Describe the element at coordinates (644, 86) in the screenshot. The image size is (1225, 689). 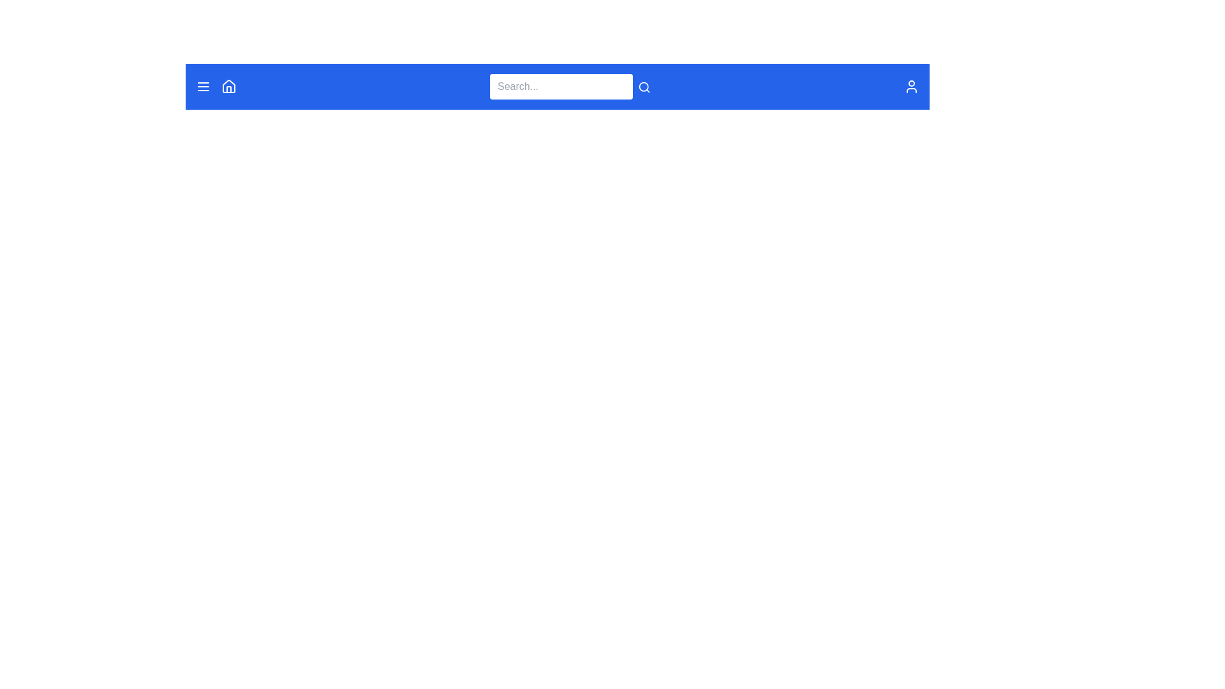
I see `the central circular component of the magnifying glass icon located in the blue navigation bar to the right of the search input field` at that location.